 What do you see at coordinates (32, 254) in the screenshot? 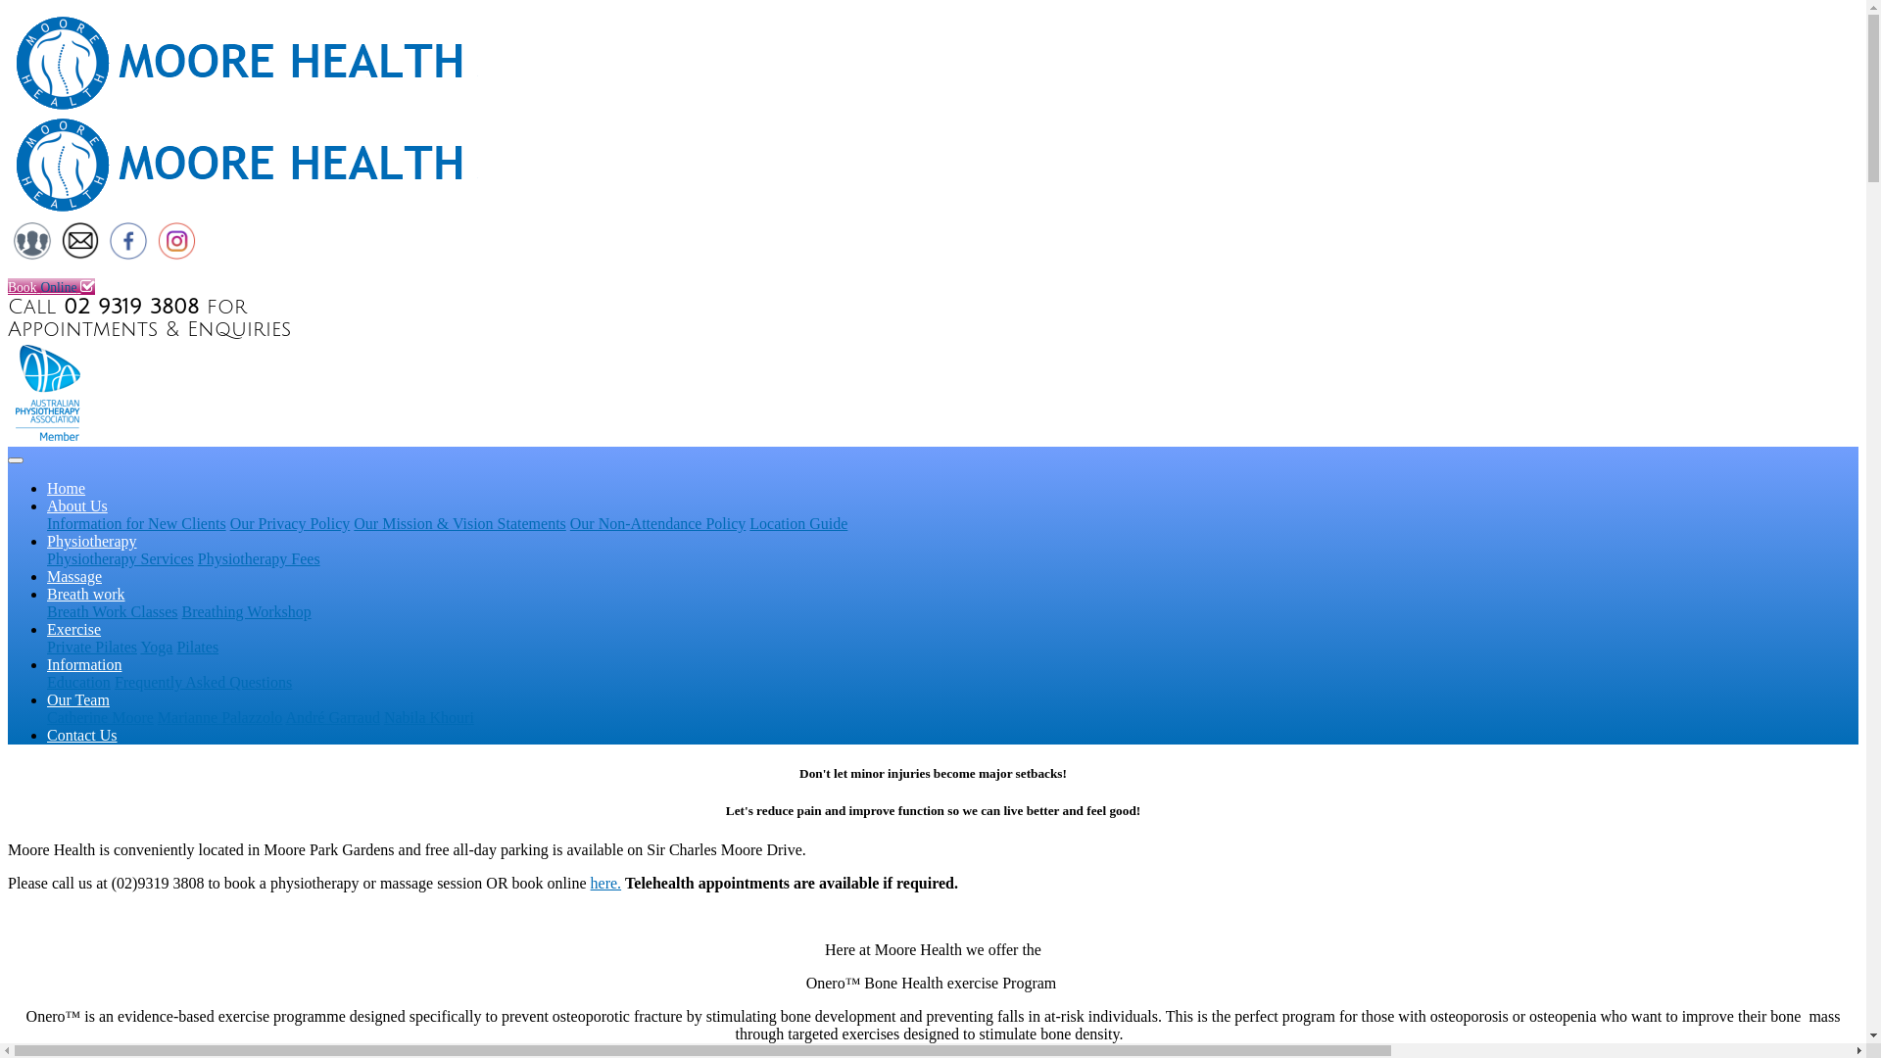
I see `'Meet Our Team'` at bounding box center [32, 254].